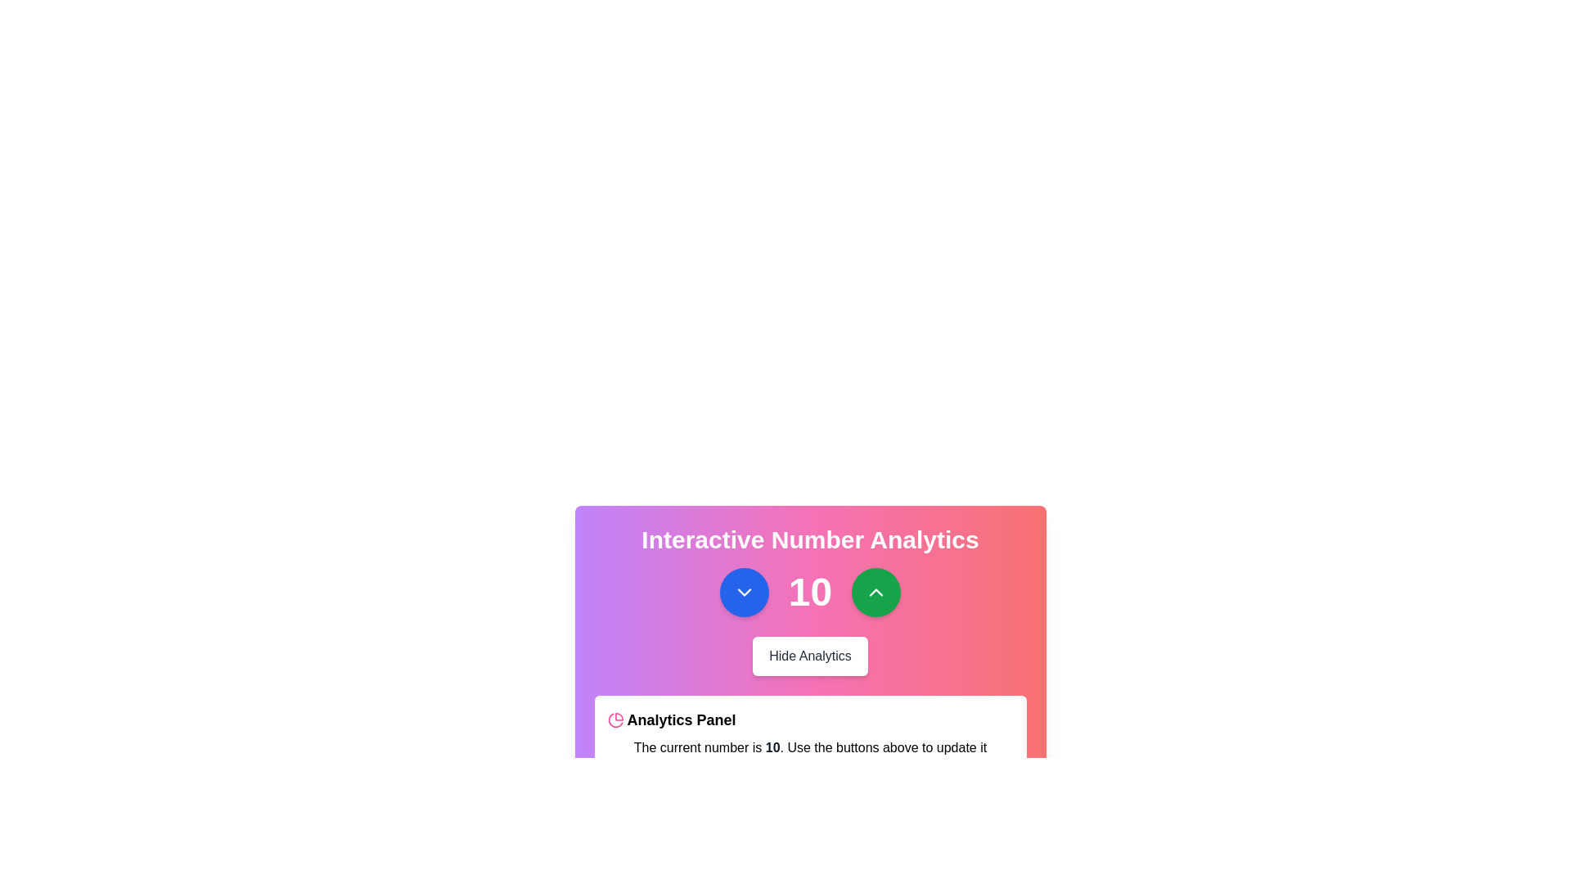  I want to click on the circular blue button with a white downward-pointing chevron, located to the left of the numeric value '10', to decrement the number, so click(743, 593).